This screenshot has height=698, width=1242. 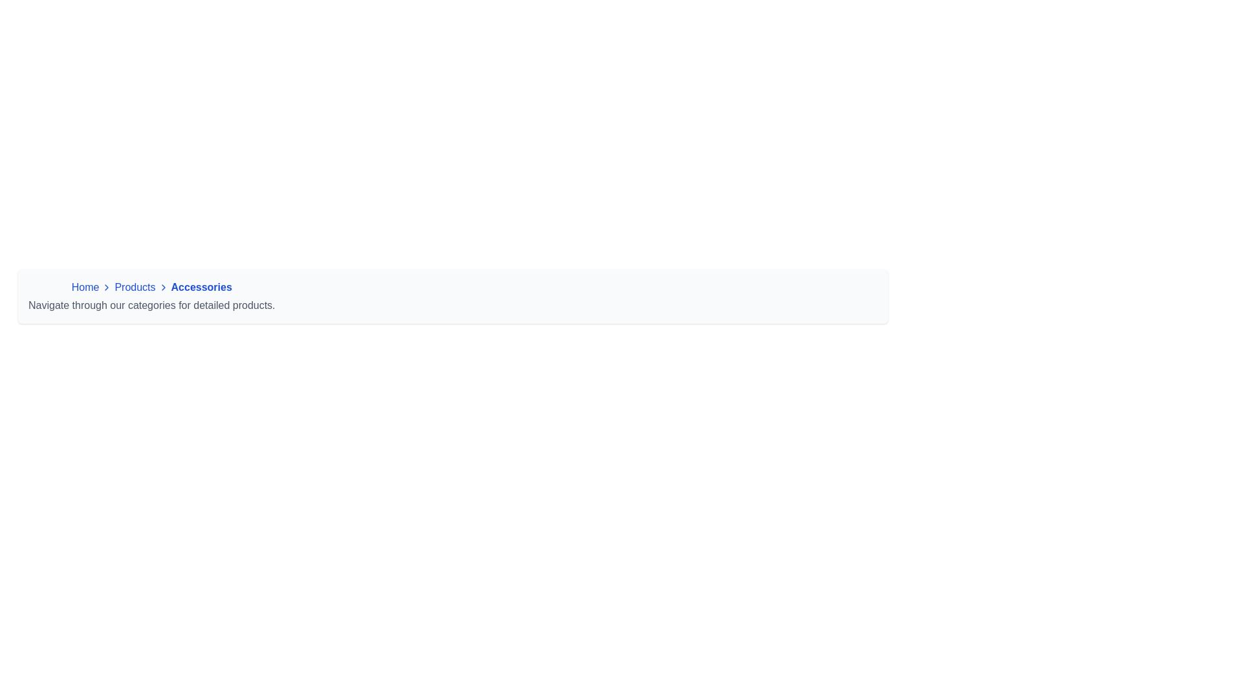 What do you see at coordinates (201, 286) in the screenshot?
I see `the static text label 'Accessories', which is the third segment in the breadcrumb navigation bar, displayed in bold blue font` at bounding box center [201, 286].